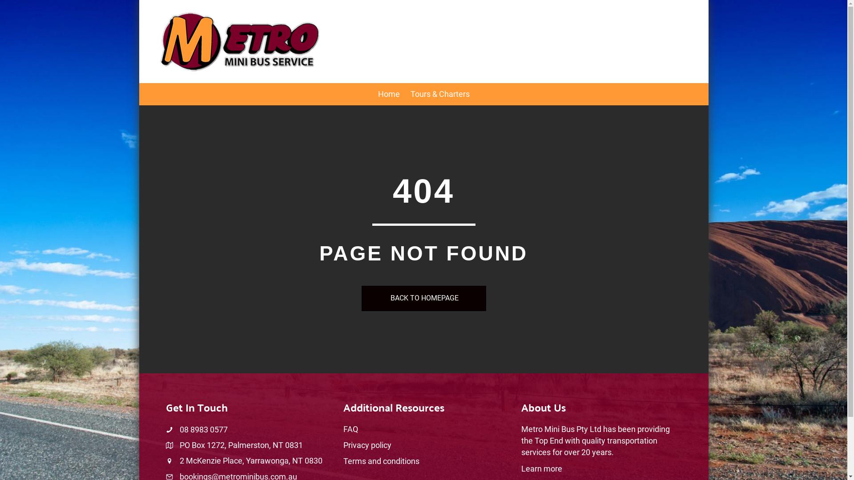 The image size is (854, 480). Describe the element at coordinates (389, 94) in the screenshot. I see `'Home'` at that location.